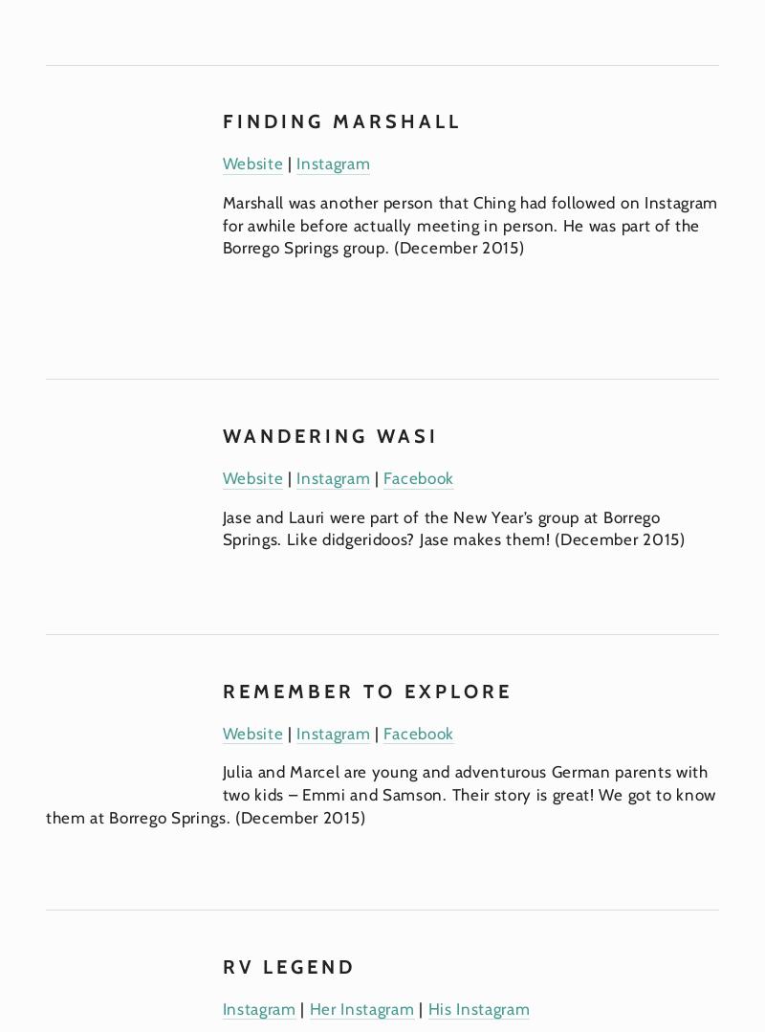  What do you see at coordinates (426, 1006) in the screenshot?
I see `'His Instagram'` at bounding box center [426, 1006].